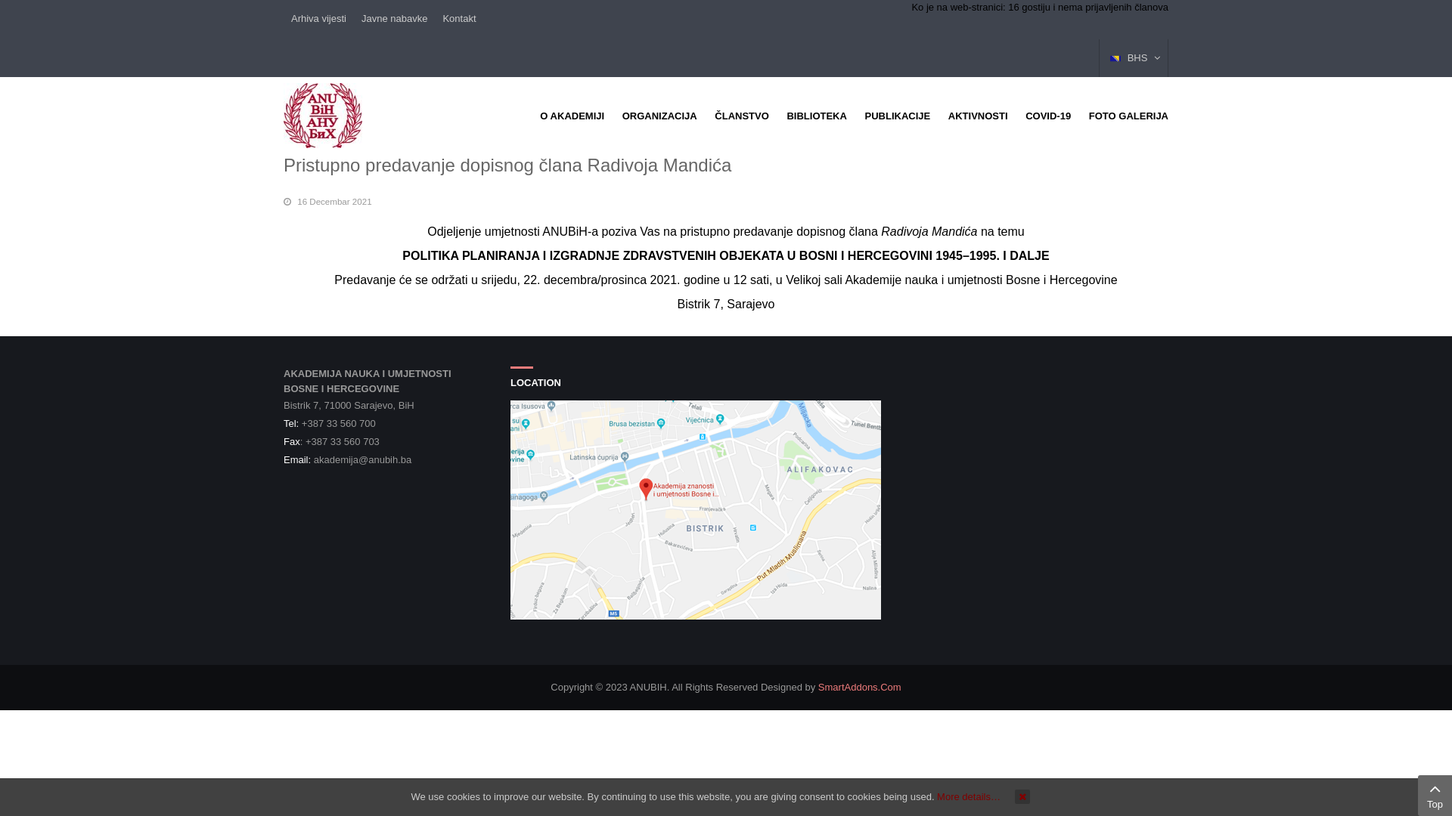  Describe the element at coordinates (978, 116) in the screenshot. I see `'AKTIVNOSTI'` at that location.